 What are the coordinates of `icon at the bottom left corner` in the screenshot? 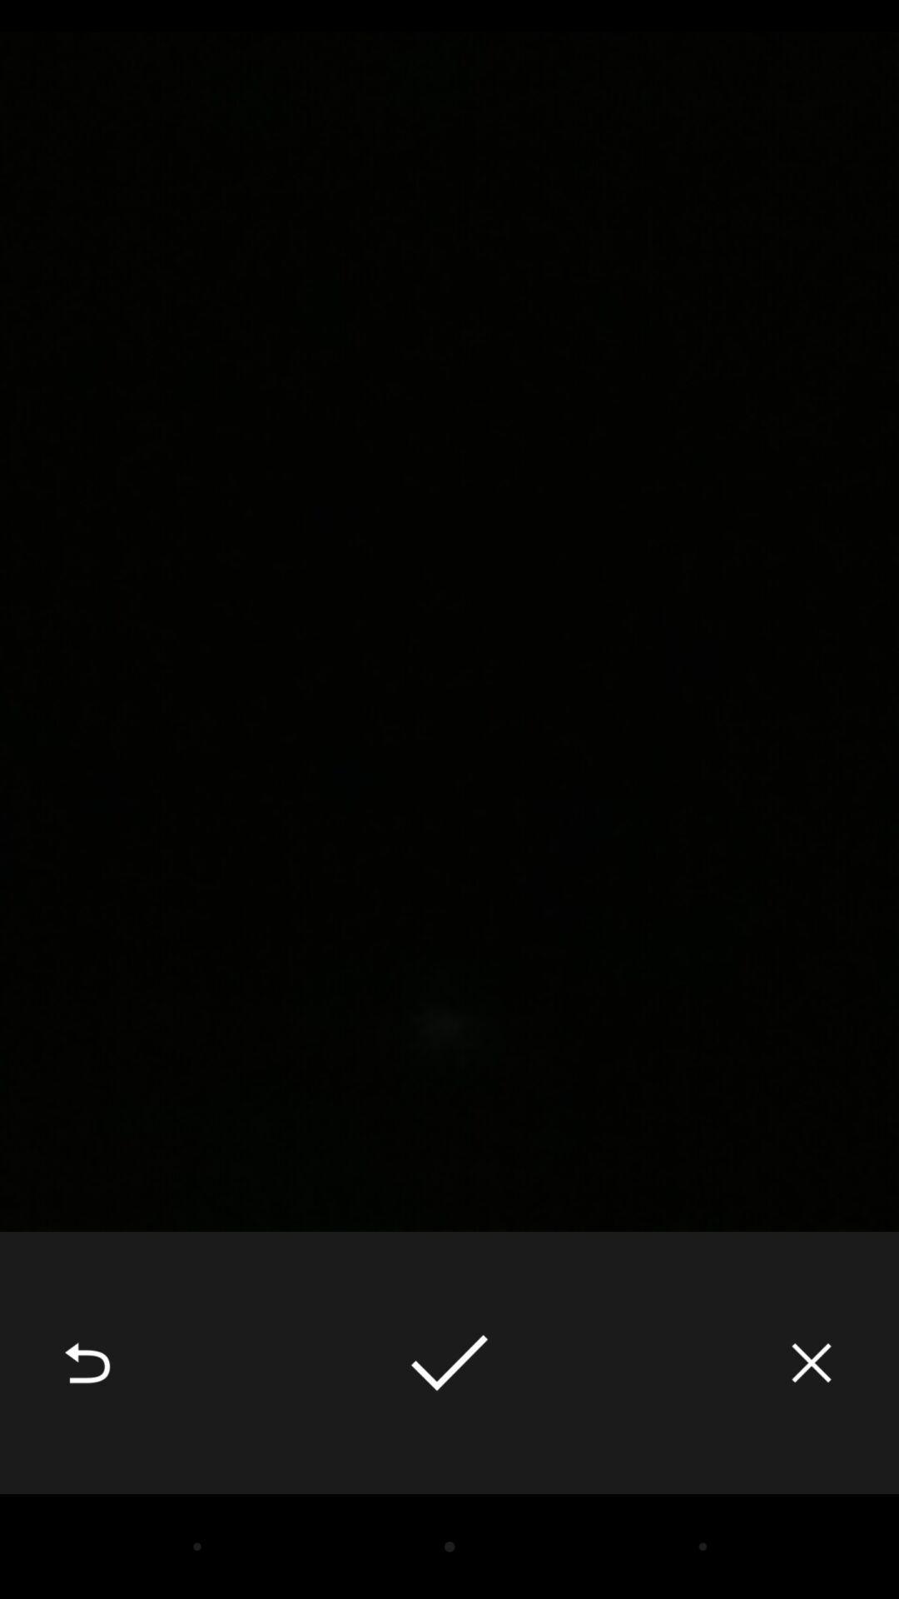 It's located at (87, 1362).